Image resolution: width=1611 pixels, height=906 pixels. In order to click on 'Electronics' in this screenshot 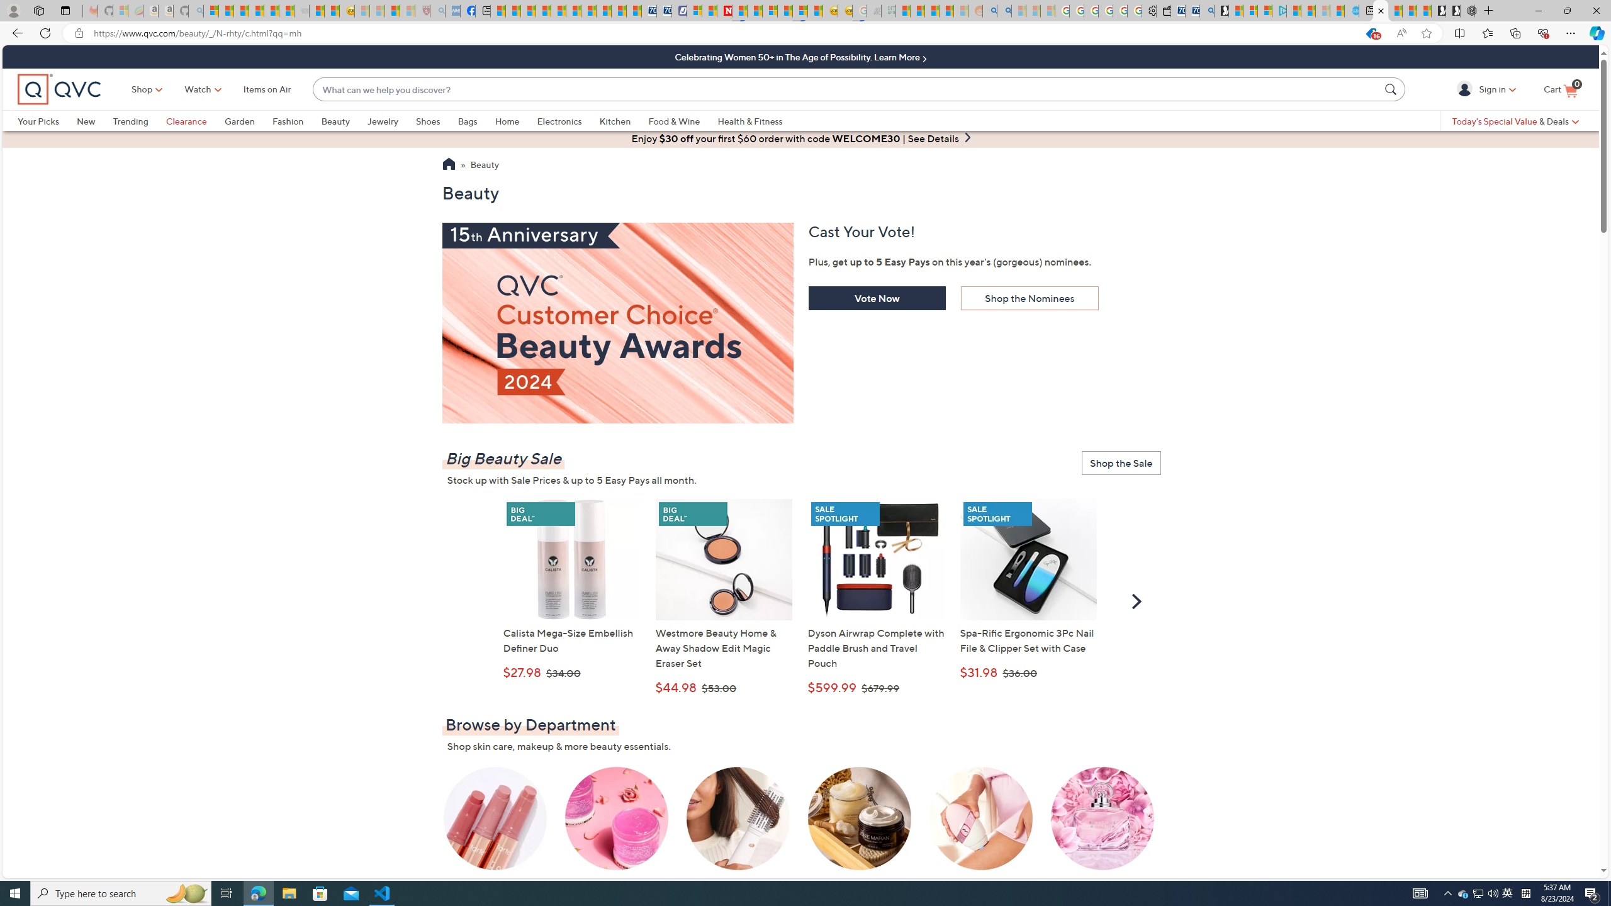, I will do `click(567, 120)`.